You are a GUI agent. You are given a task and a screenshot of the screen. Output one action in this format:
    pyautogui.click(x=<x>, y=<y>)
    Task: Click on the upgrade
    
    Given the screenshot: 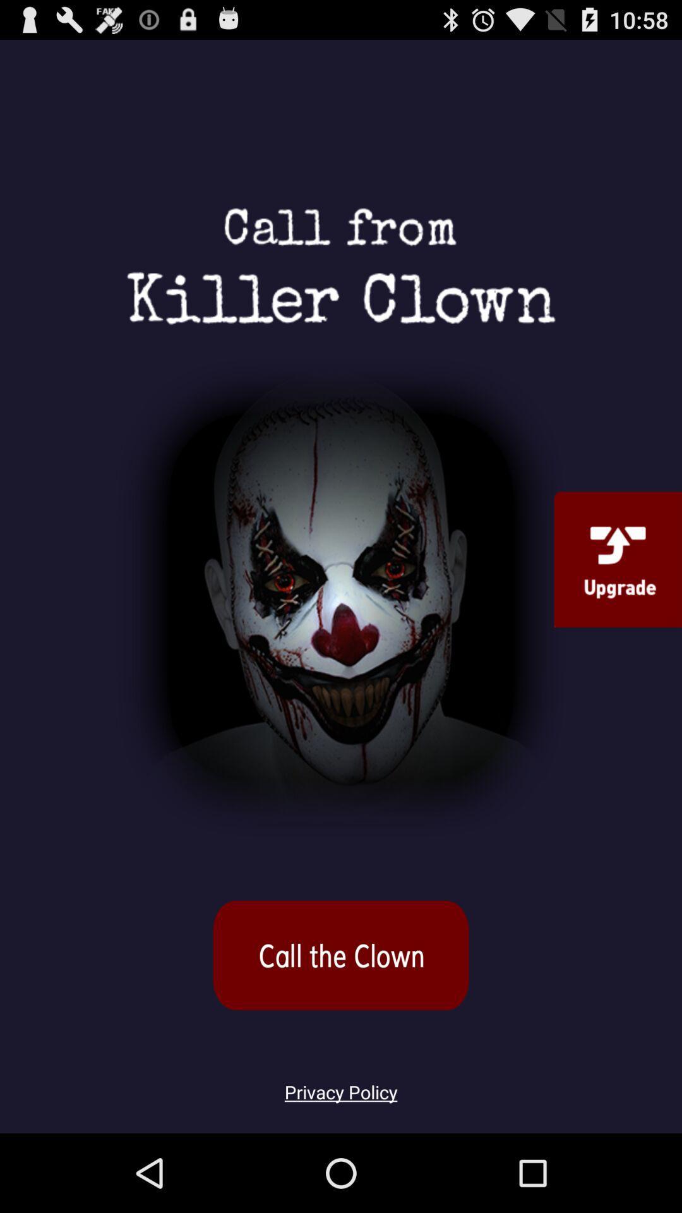 What is the action you would take?
    pyautogui.click(x=617, y=558)
    